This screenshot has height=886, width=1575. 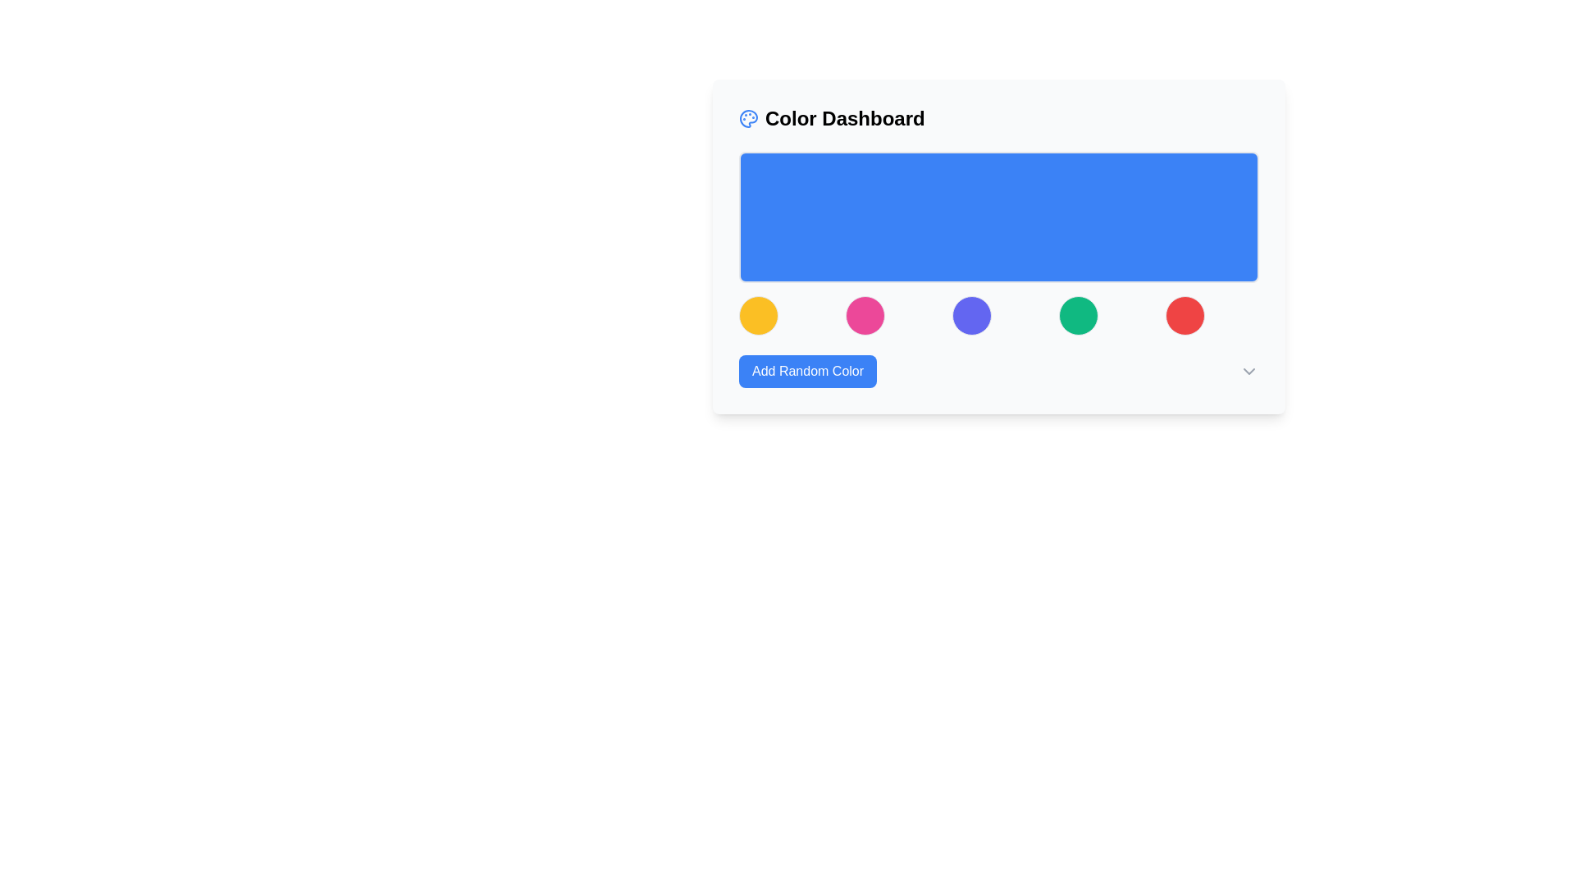 I want to click on the rectangular button with a blue background and white text labeled 'Add Random Color' to observe a color change effect, so click(x=807, y=371).